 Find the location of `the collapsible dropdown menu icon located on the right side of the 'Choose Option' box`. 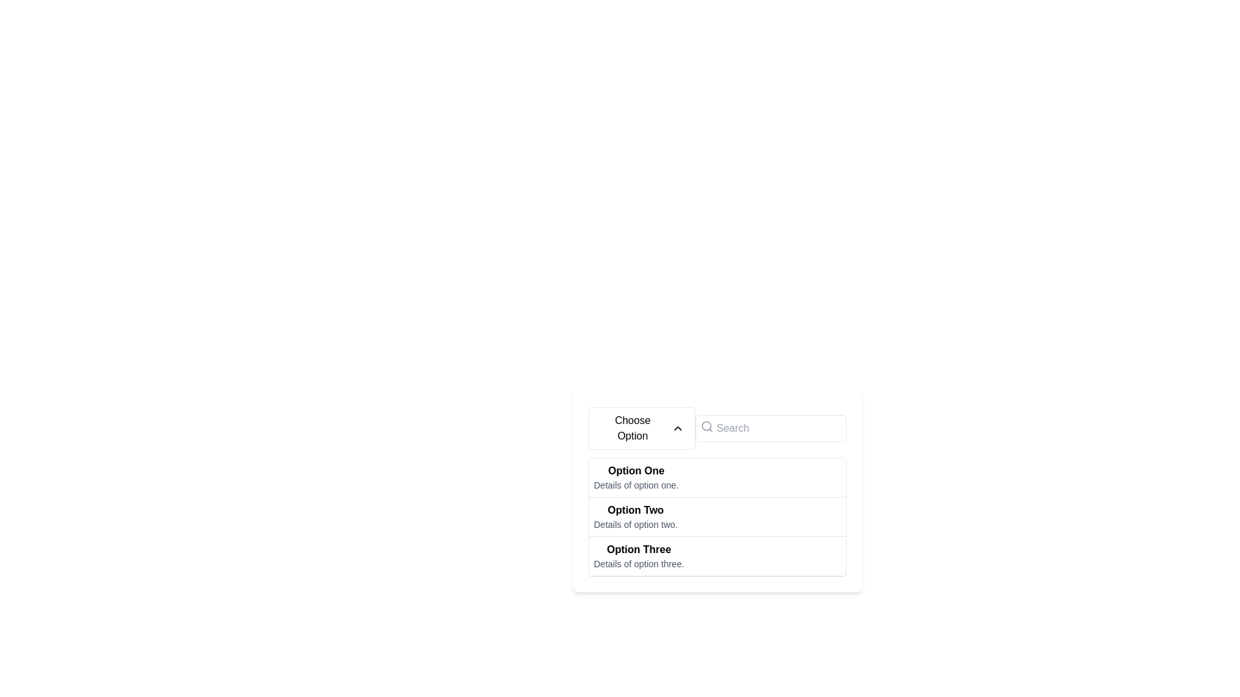

the collapsible dropdown menu icon located on the right side of the 'Choose Option' box is located at coordinates (677, 428).